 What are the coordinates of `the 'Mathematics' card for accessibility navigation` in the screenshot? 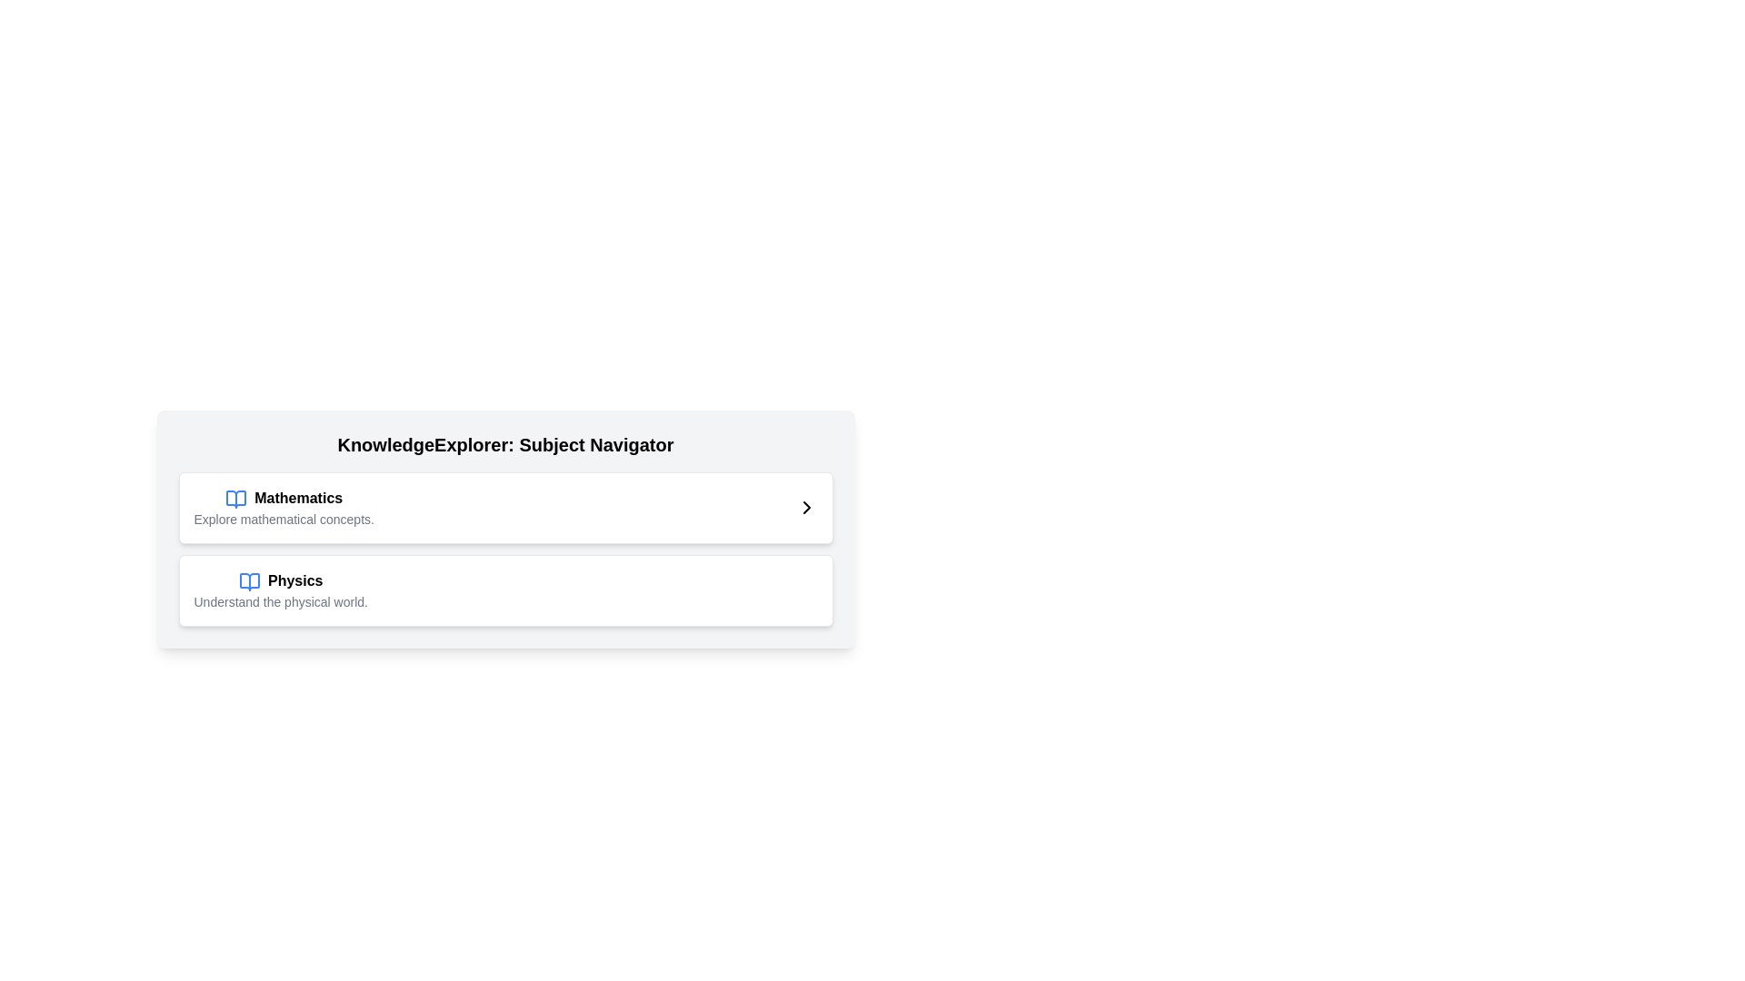 It's located at (505, 508).